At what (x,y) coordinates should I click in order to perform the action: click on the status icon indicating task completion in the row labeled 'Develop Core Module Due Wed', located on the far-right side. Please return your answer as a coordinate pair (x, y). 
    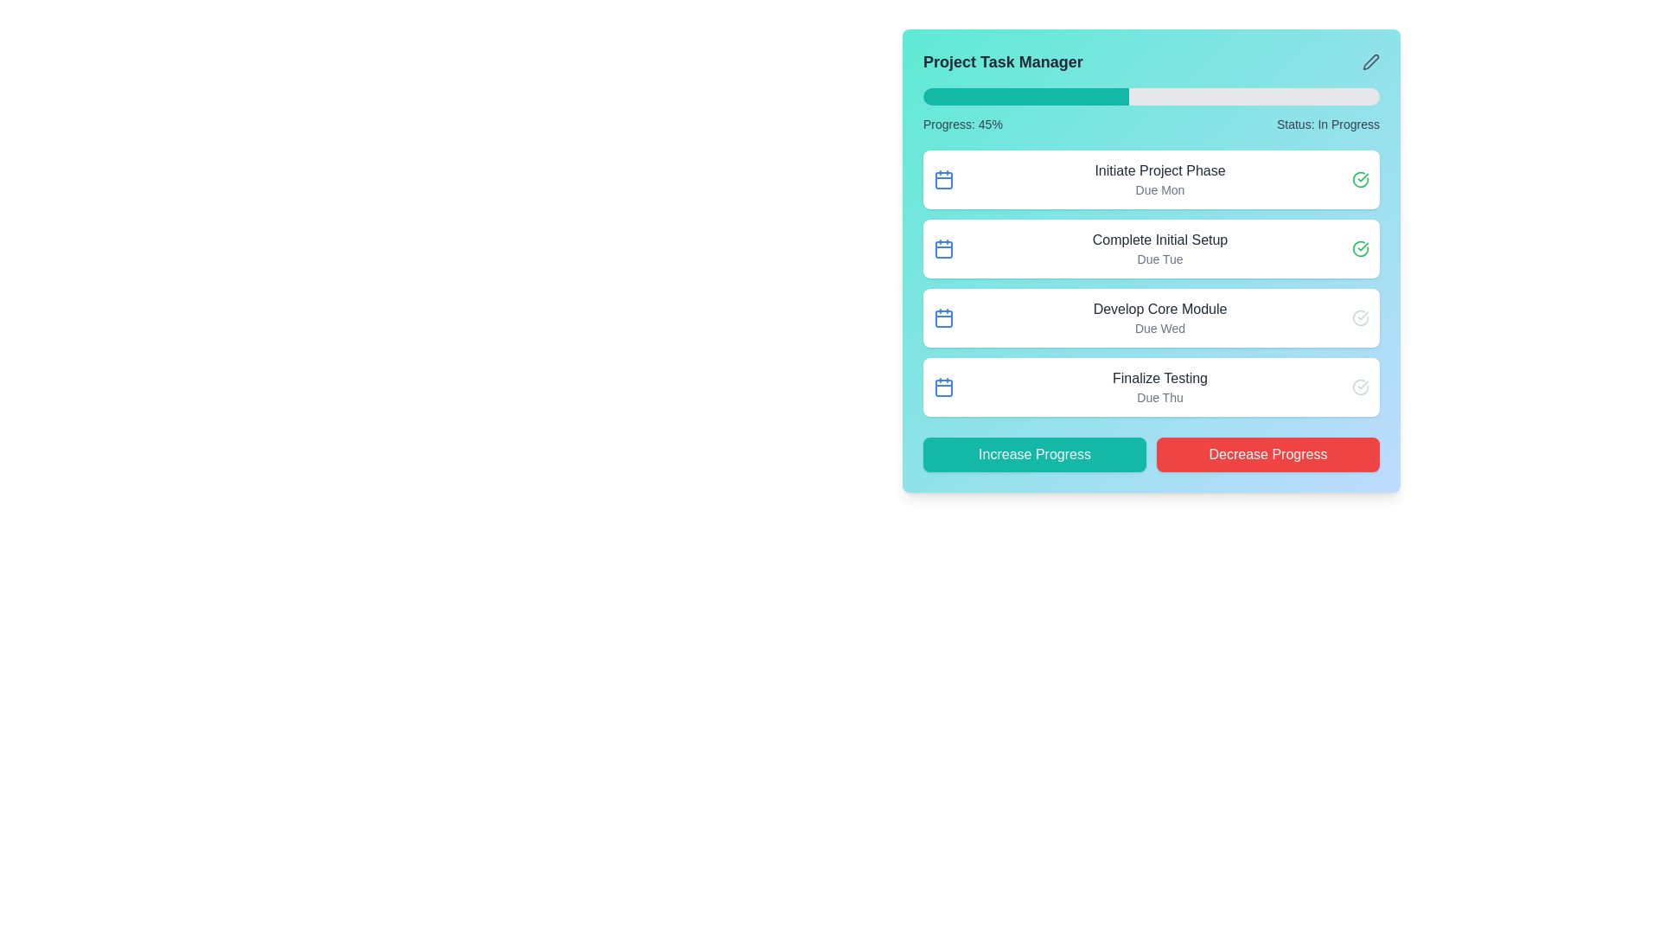
    Looking at the image, I should click on (1360, 317).